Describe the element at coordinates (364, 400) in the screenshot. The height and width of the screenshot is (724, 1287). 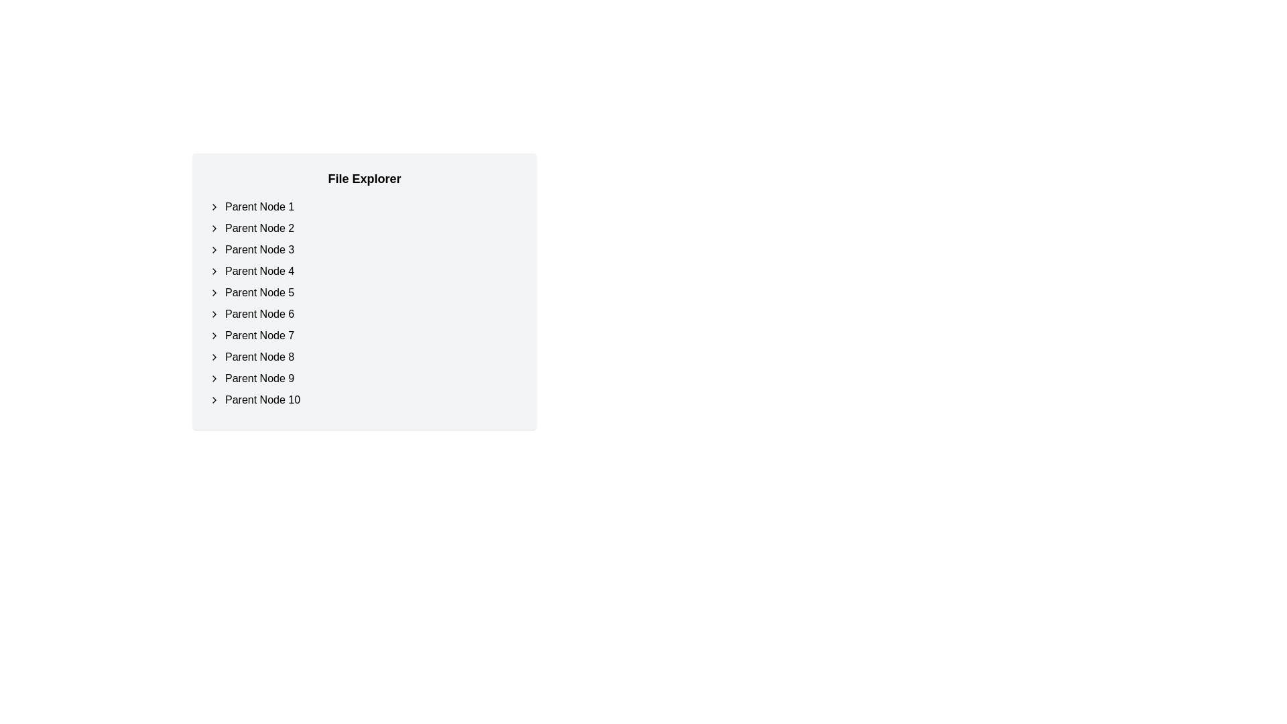
I see `the 10th item in the 'File Explorer' list` at that location.